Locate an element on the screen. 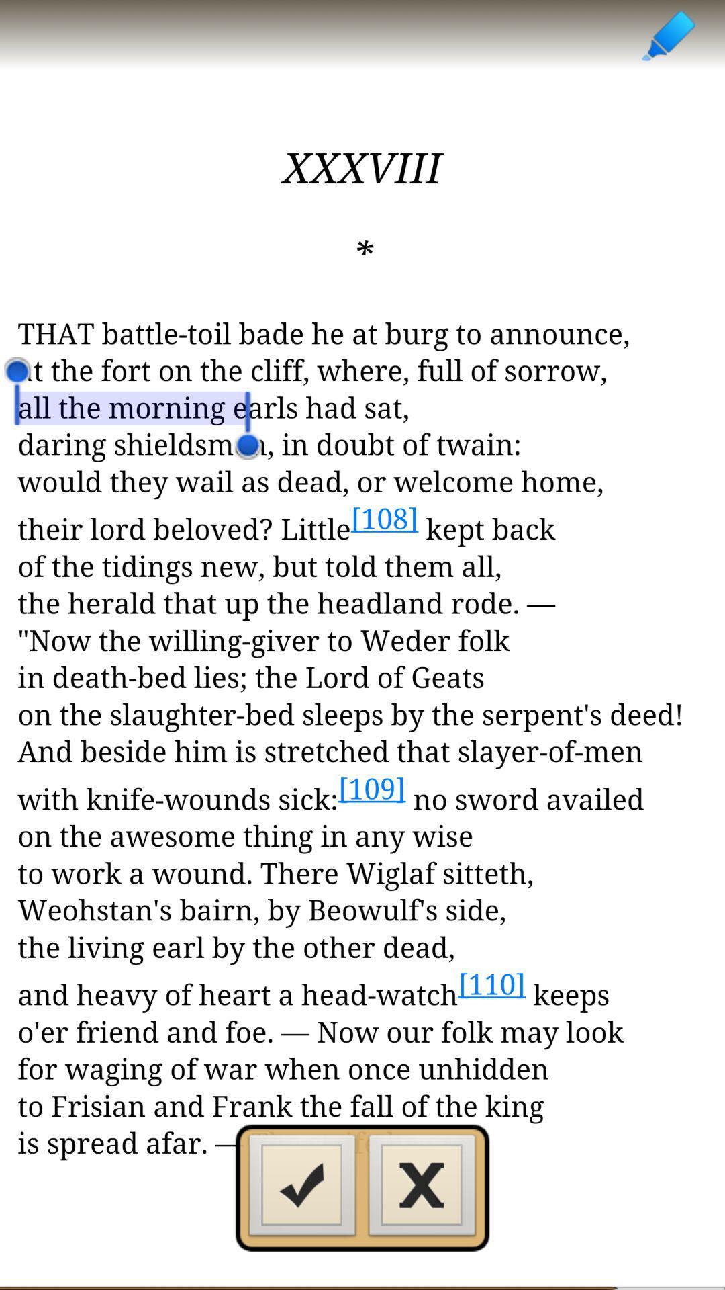 This screenshot has height=1290, width=725. confirm highlight is located at coordinates (302, 1189).